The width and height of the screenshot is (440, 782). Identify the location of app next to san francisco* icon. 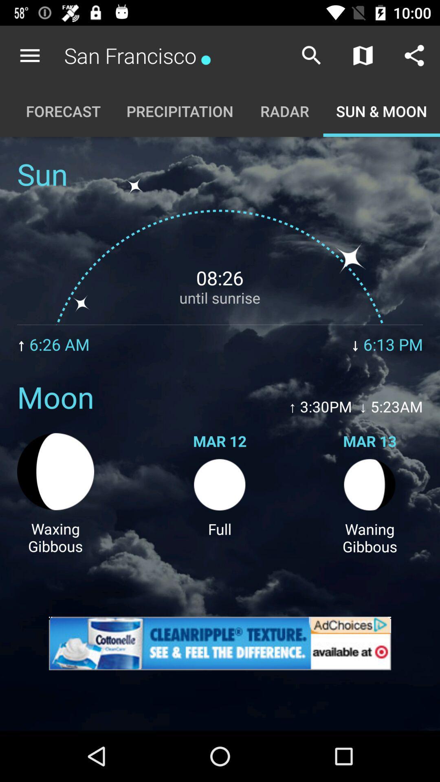
(29, 55).